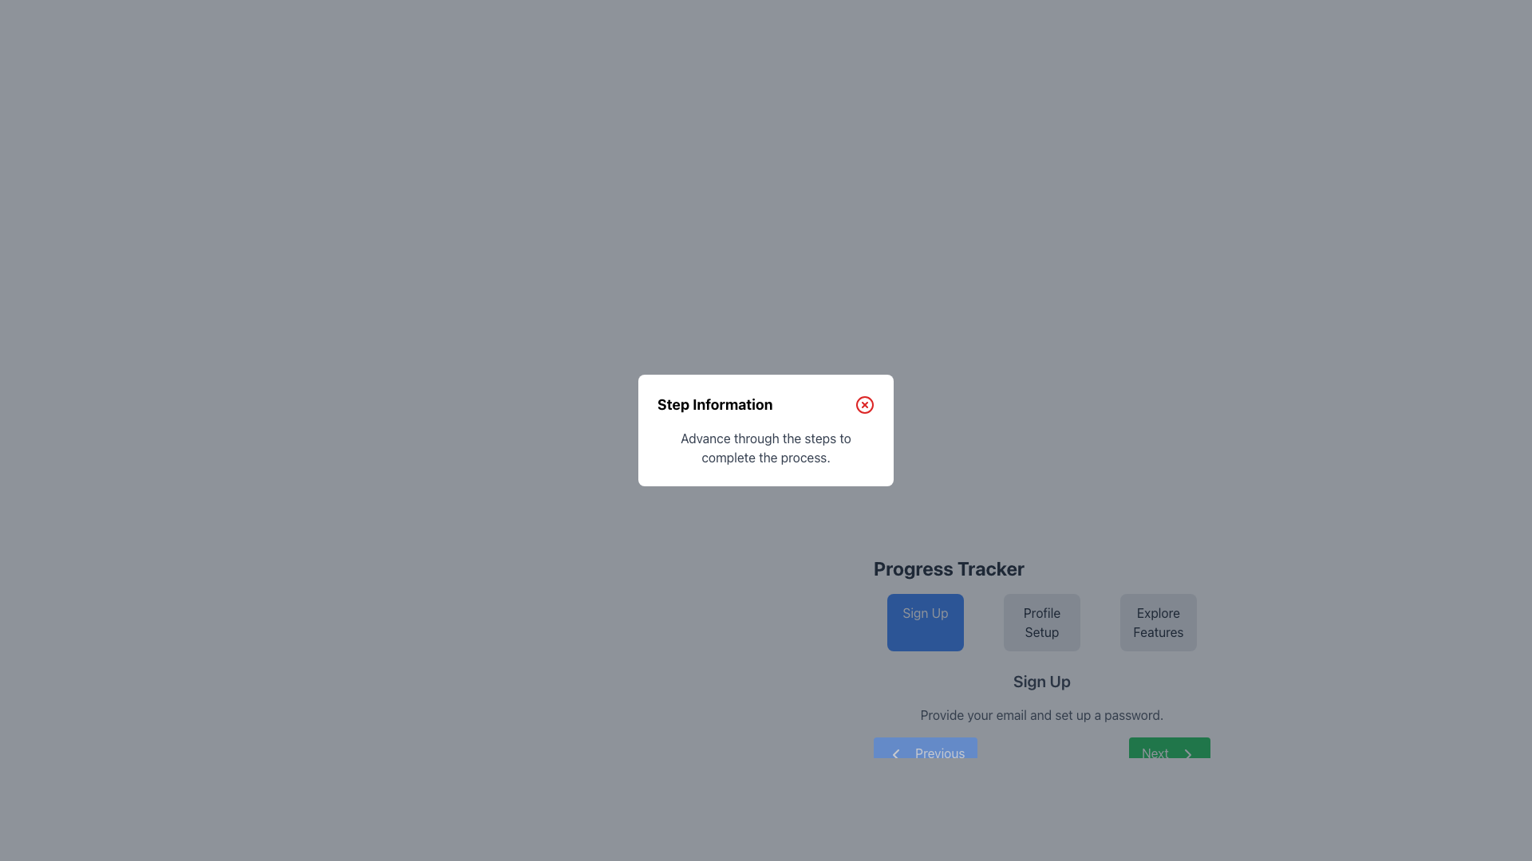  What do you see at coordinates (714, 404) in the screenshot?
I see `heading text of the dialog box located at the top-left corner, summarizing its content and purpose` at bounding box center [714, 404].